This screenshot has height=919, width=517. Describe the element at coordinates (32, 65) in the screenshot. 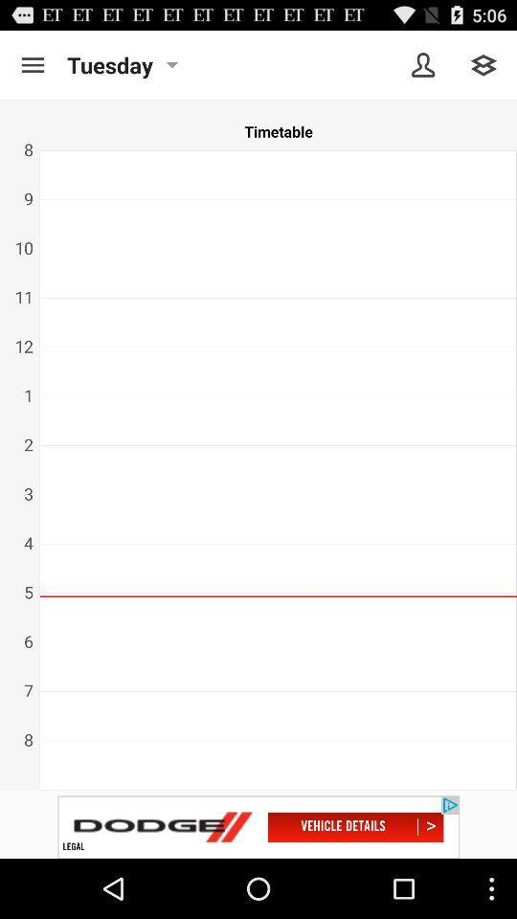

I see `menu pega` at that location.